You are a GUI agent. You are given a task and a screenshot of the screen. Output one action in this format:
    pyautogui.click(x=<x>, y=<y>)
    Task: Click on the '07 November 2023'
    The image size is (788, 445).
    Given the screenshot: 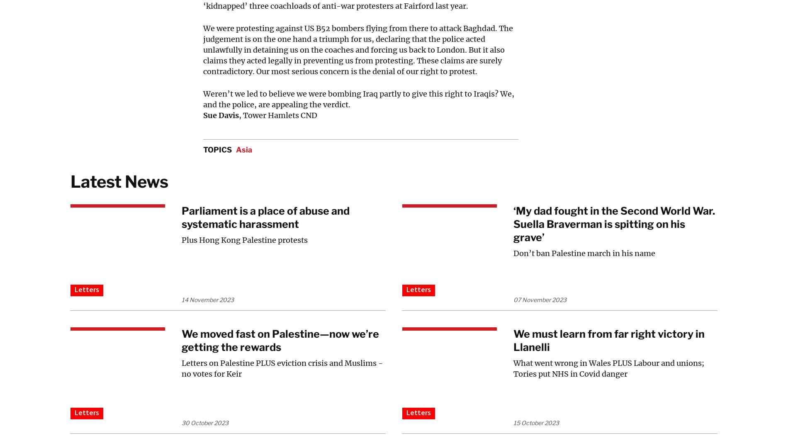 What is the action you would take?
    pyautogui.click(x=540, y=300)
    